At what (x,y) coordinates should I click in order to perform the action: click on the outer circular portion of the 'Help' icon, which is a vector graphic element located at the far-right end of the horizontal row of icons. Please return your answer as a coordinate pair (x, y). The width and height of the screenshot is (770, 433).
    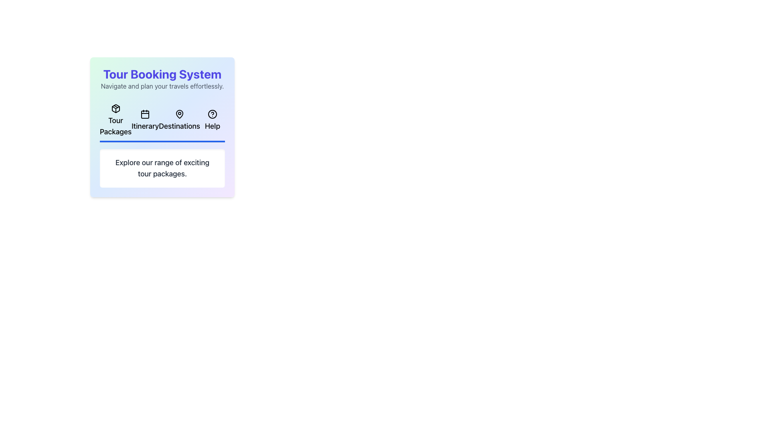
    Looking at the image, I should click on (212, 114).